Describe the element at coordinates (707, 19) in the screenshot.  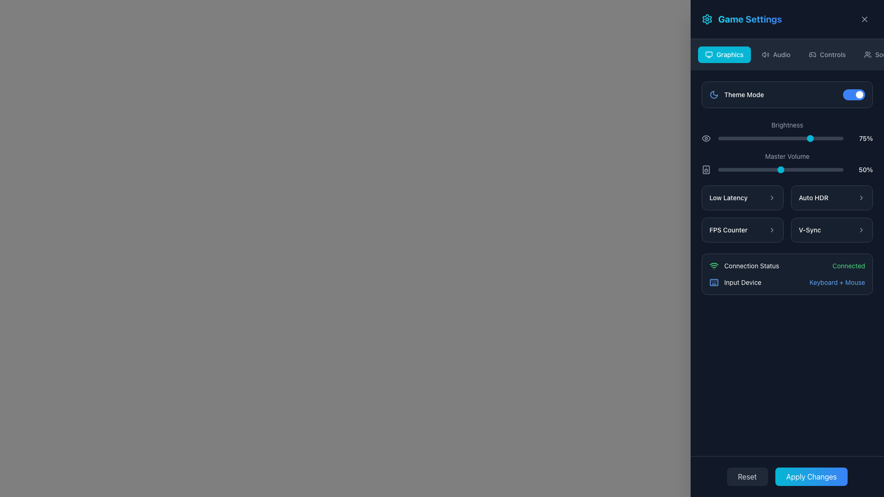
I see `the cogwheel icon` at that location.